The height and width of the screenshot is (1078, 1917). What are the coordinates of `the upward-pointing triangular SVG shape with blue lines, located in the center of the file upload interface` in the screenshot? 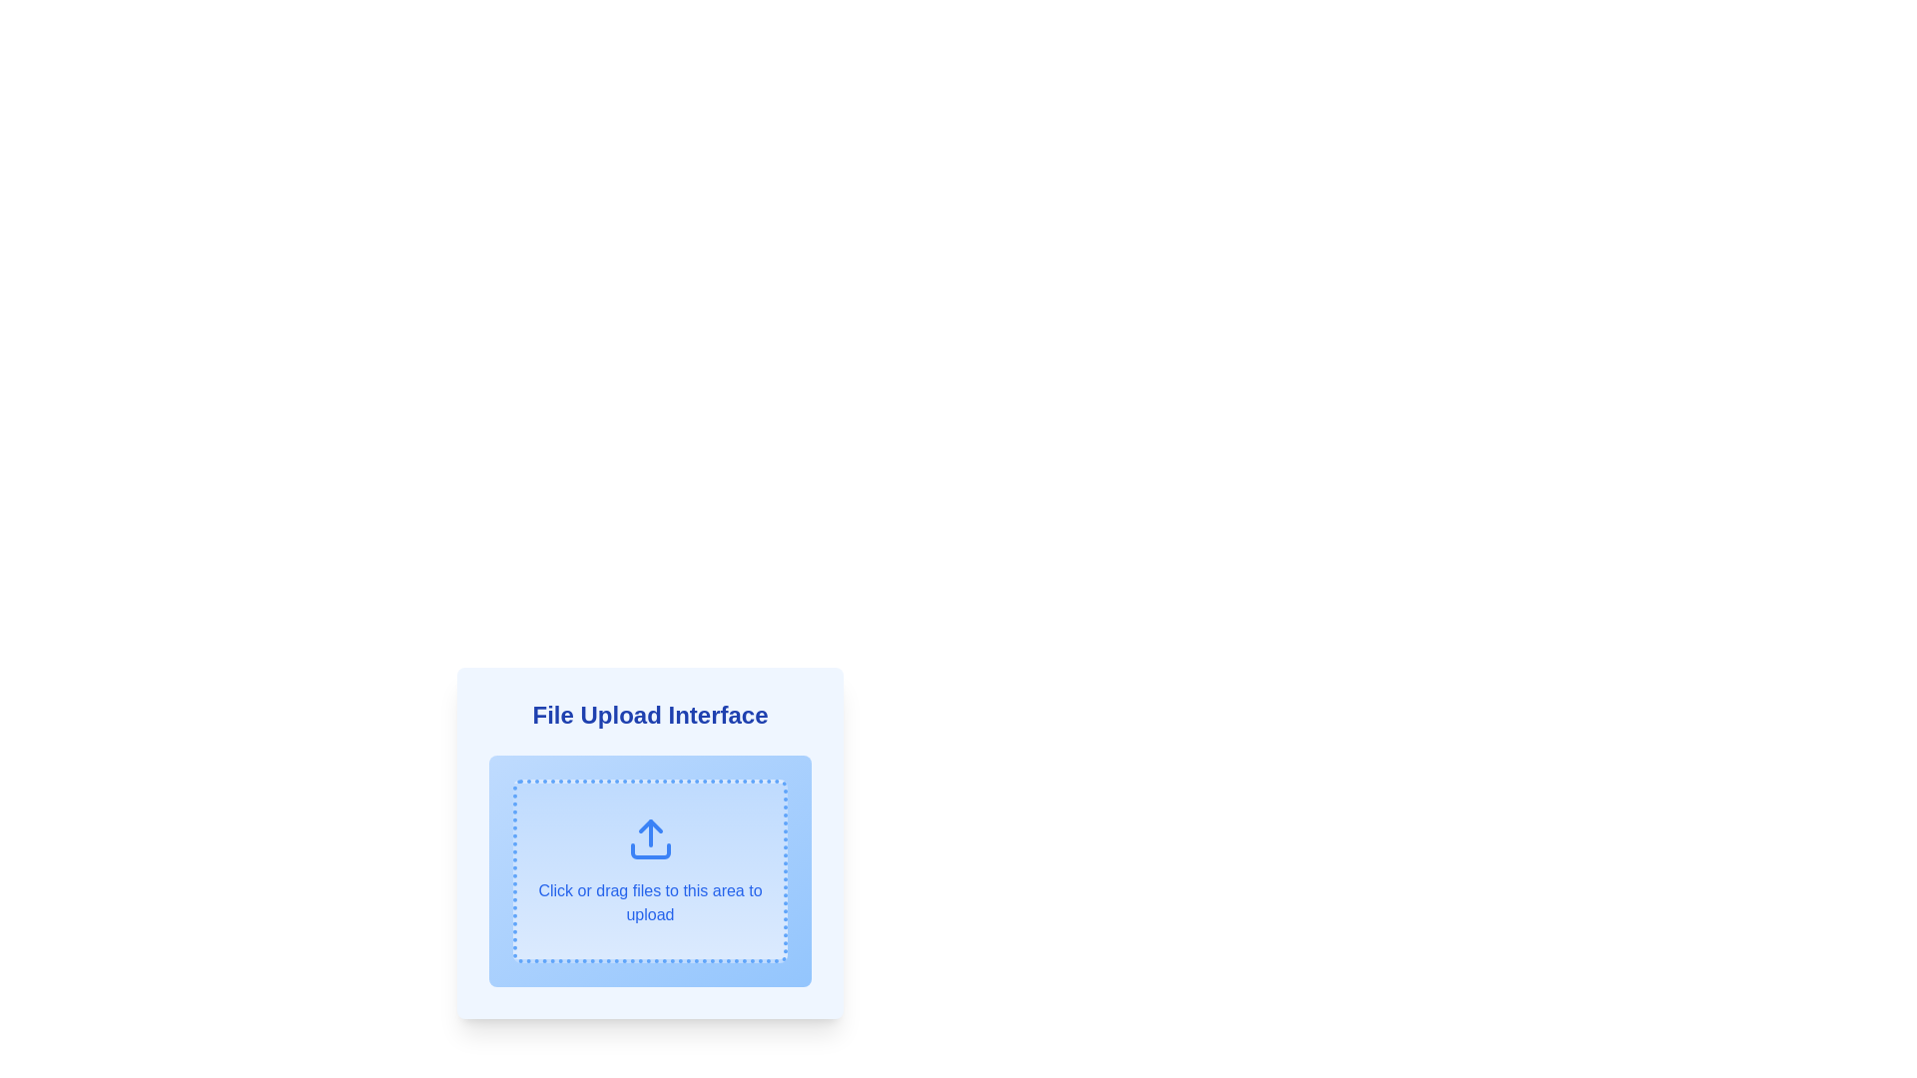 It's located at (650, 826).